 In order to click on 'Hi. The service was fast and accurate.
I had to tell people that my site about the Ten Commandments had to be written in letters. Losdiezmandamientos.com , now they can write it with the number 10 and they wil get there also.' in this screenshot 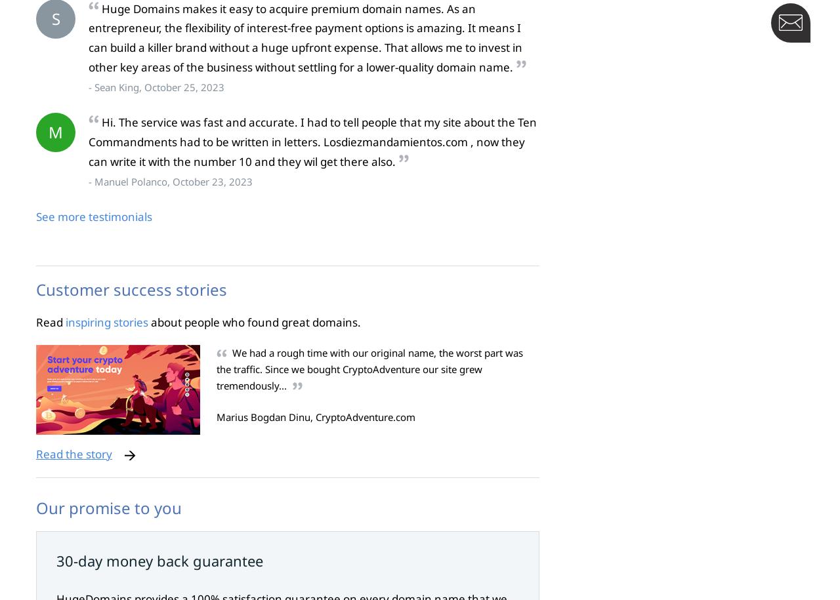, I will do `click(312, 142)`.